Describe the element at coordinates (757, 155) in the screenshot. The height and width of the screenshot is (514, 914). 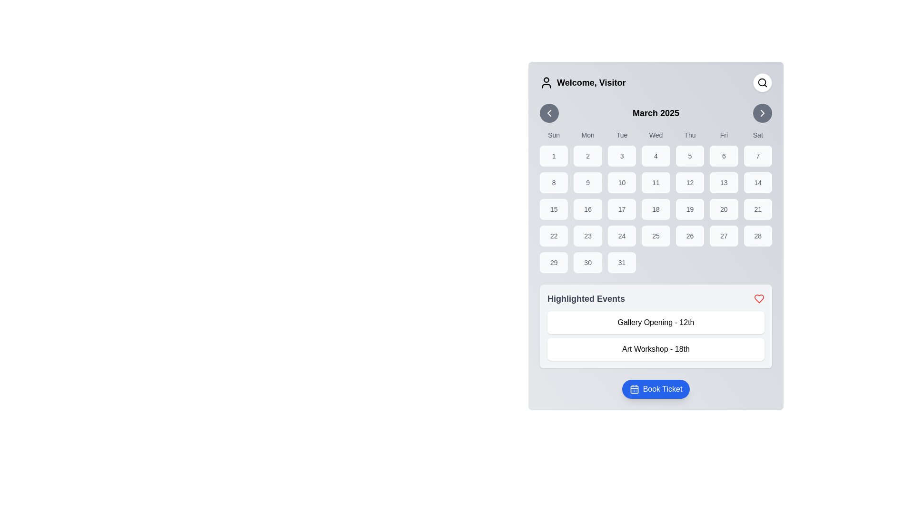
I see `the Text Display representing the date '7' in the Interactive Calendar Cell, located in the first row of the calendar grid` at that location.